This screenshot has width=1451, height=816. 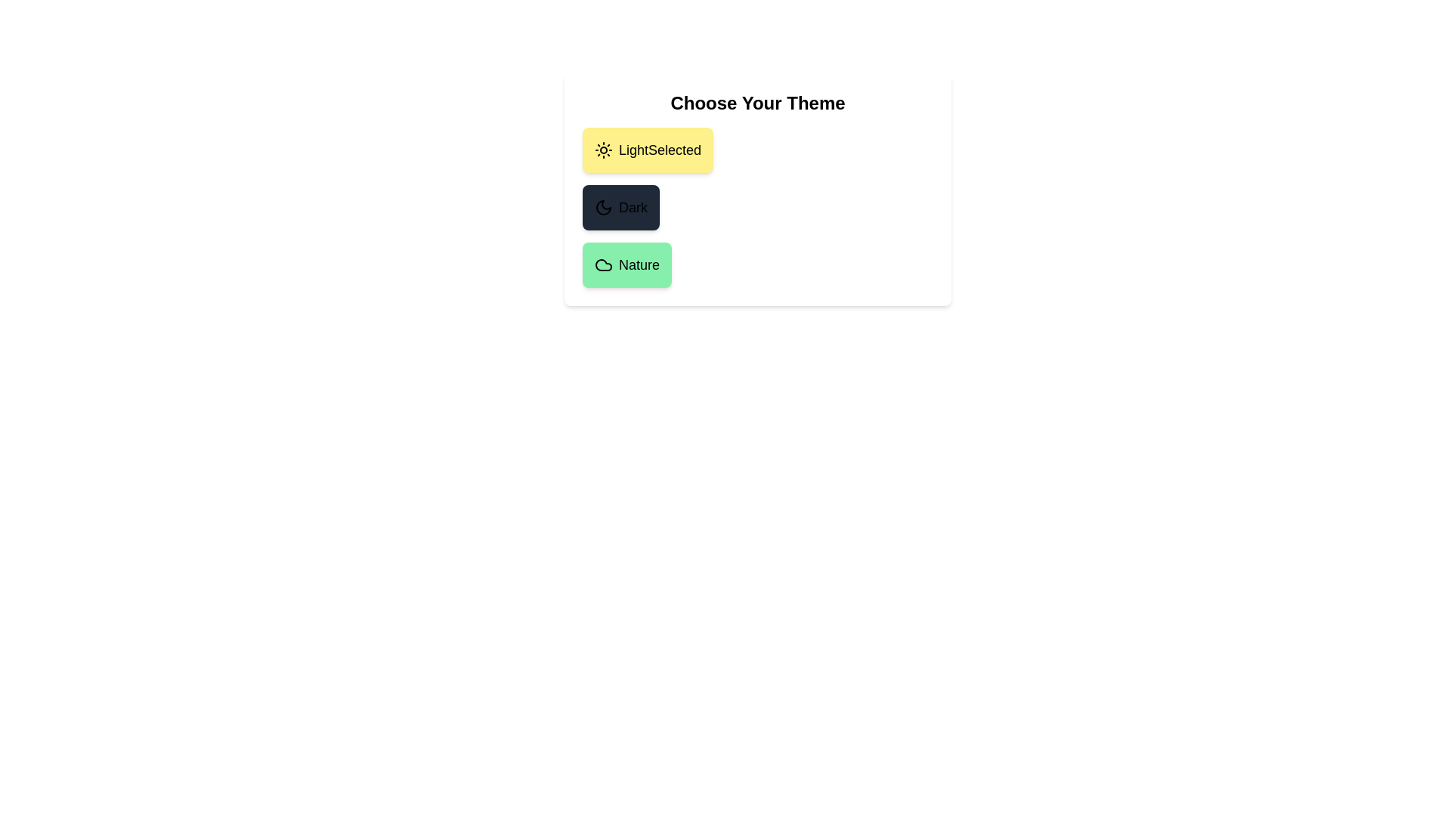 What do you see at coordinates (648, 150) in the screenshot?
I see `the theme Light by clicking on the corresponding button` at bounding box center [648, 150].